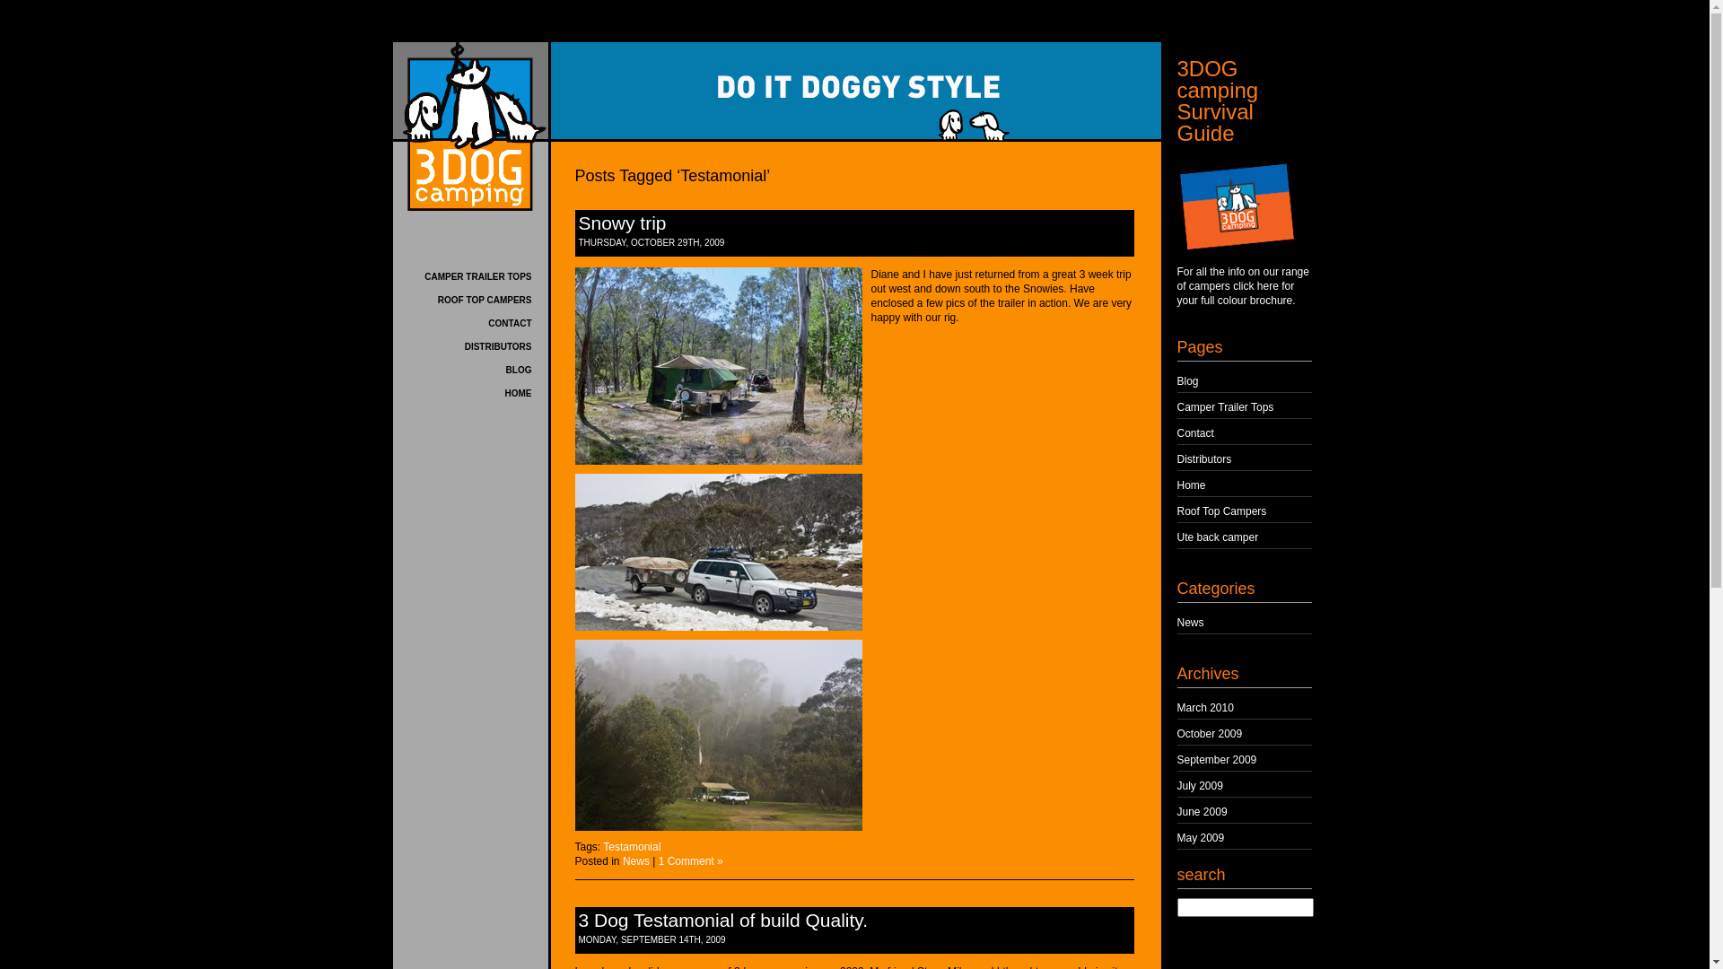  Describe the element at coordinates (603, 847) in the screenshot. I see `'Testamonial'` at that location.